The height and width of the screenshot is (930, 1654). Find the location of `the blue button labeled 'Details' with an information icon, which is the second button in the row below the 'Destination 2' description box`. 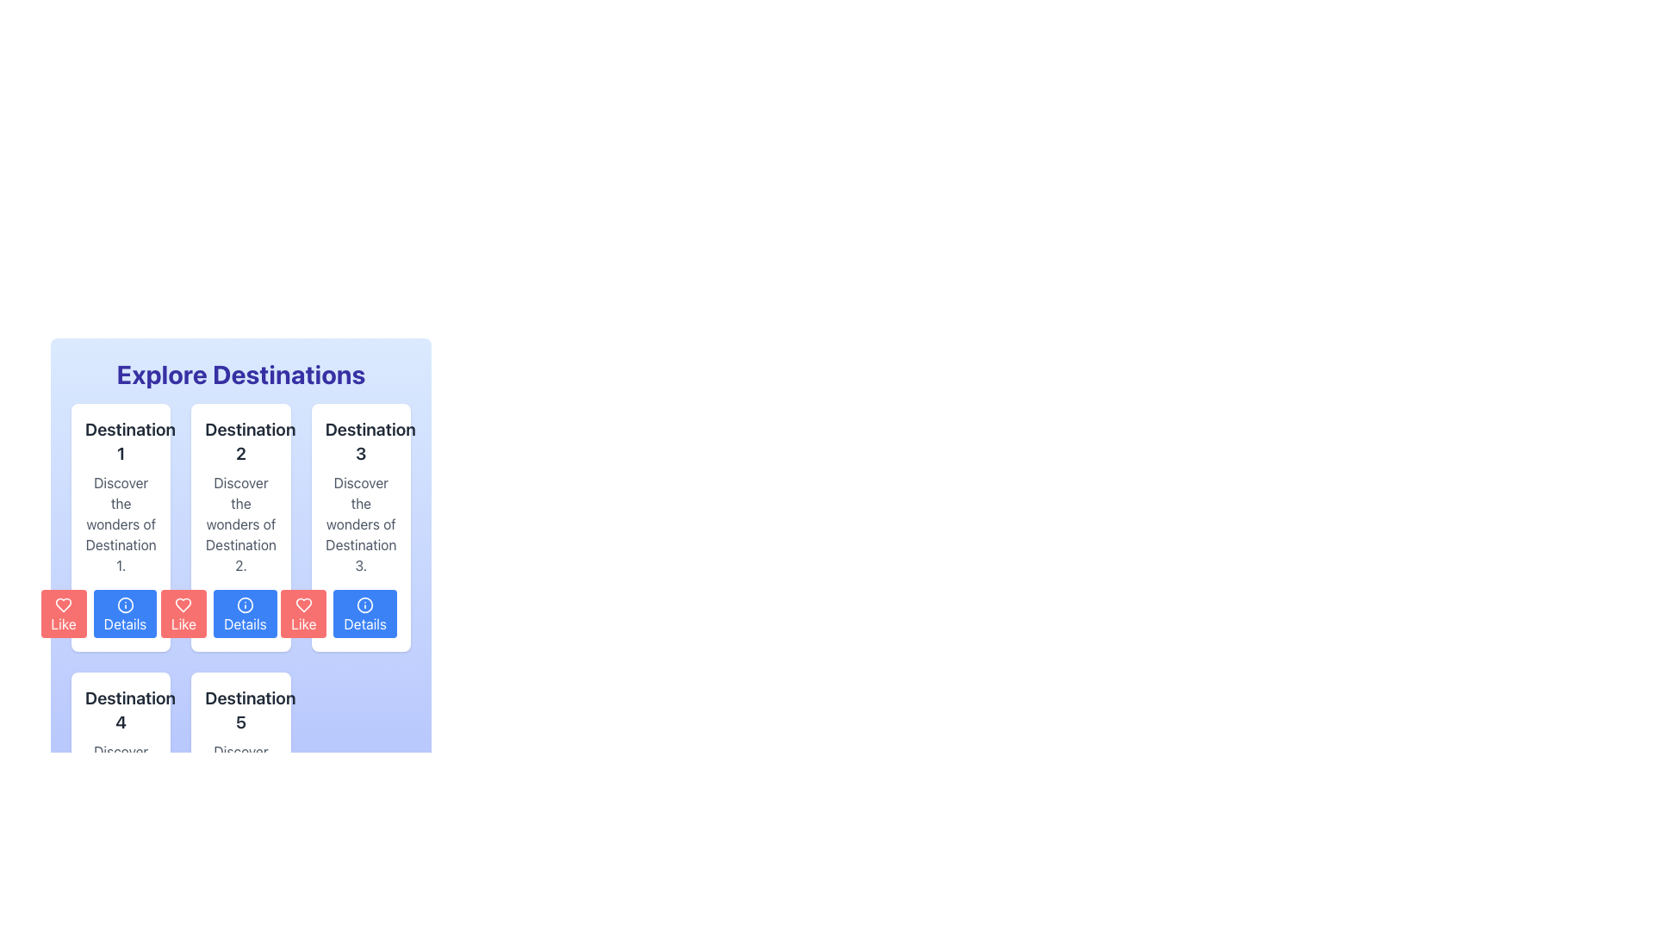

the blue button labeled 'Details' with an information icon, which is the second button in the row below the 'Destination 2' description box is located at coordinates (244, 613).